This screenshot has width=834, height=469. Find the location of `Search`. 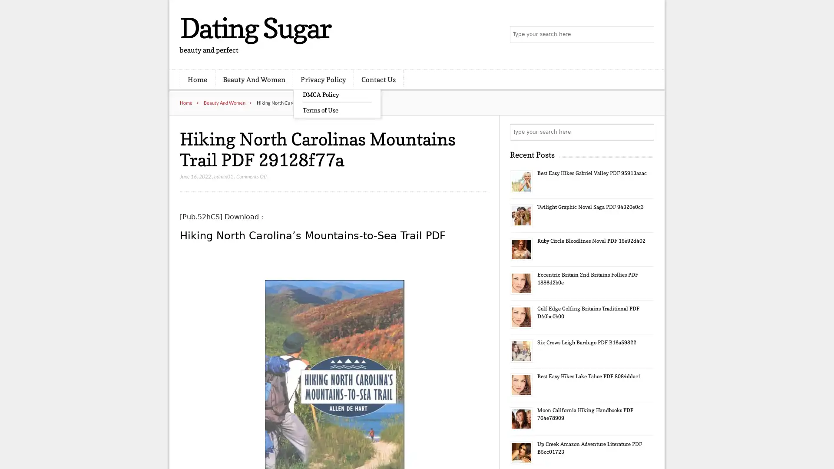

Search is located at coordinates (645, 35).